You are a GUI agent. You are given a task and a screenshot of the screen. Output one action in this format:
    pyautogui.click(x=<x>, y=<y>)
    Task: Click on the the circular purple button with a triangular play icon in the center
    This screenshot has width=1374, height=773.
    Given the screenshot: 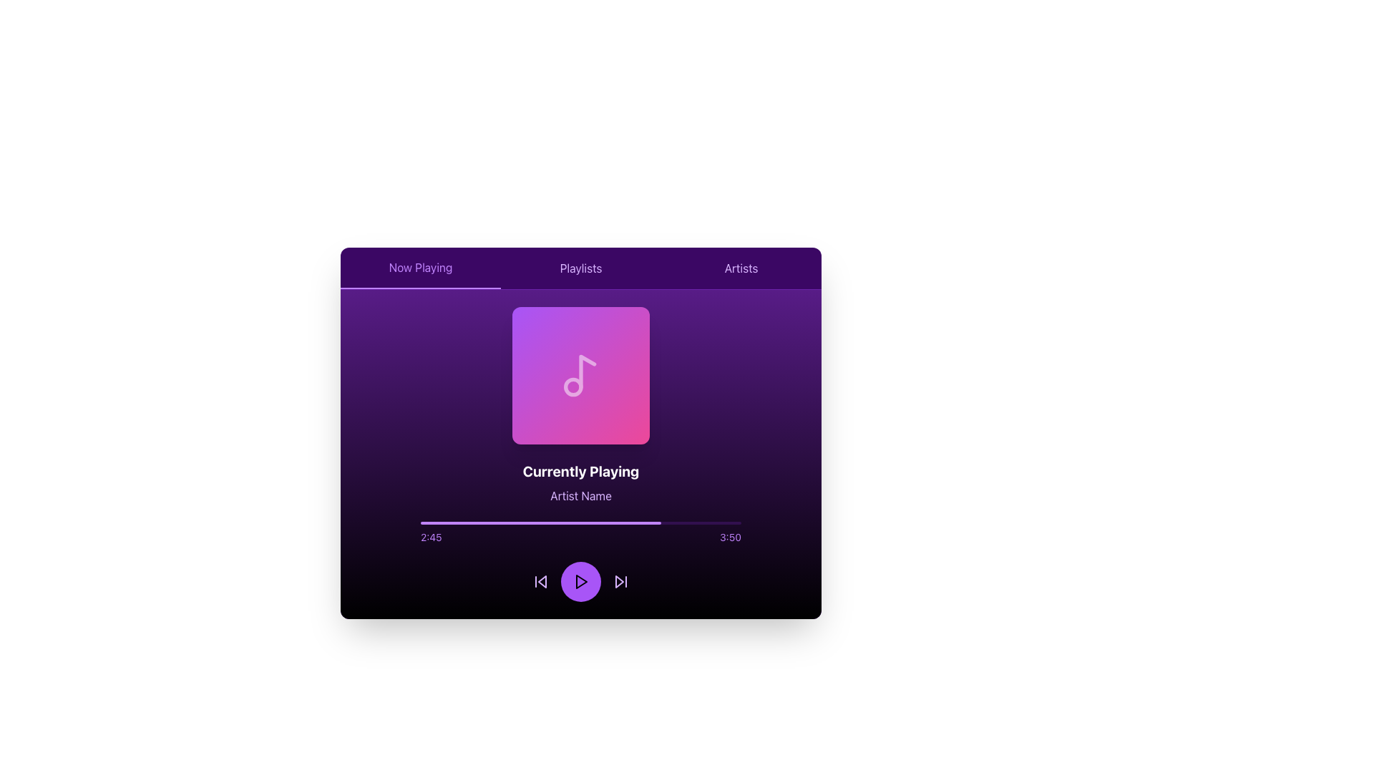 What is the action you would take?
    pyautogui.click(x=580, y=582)
    